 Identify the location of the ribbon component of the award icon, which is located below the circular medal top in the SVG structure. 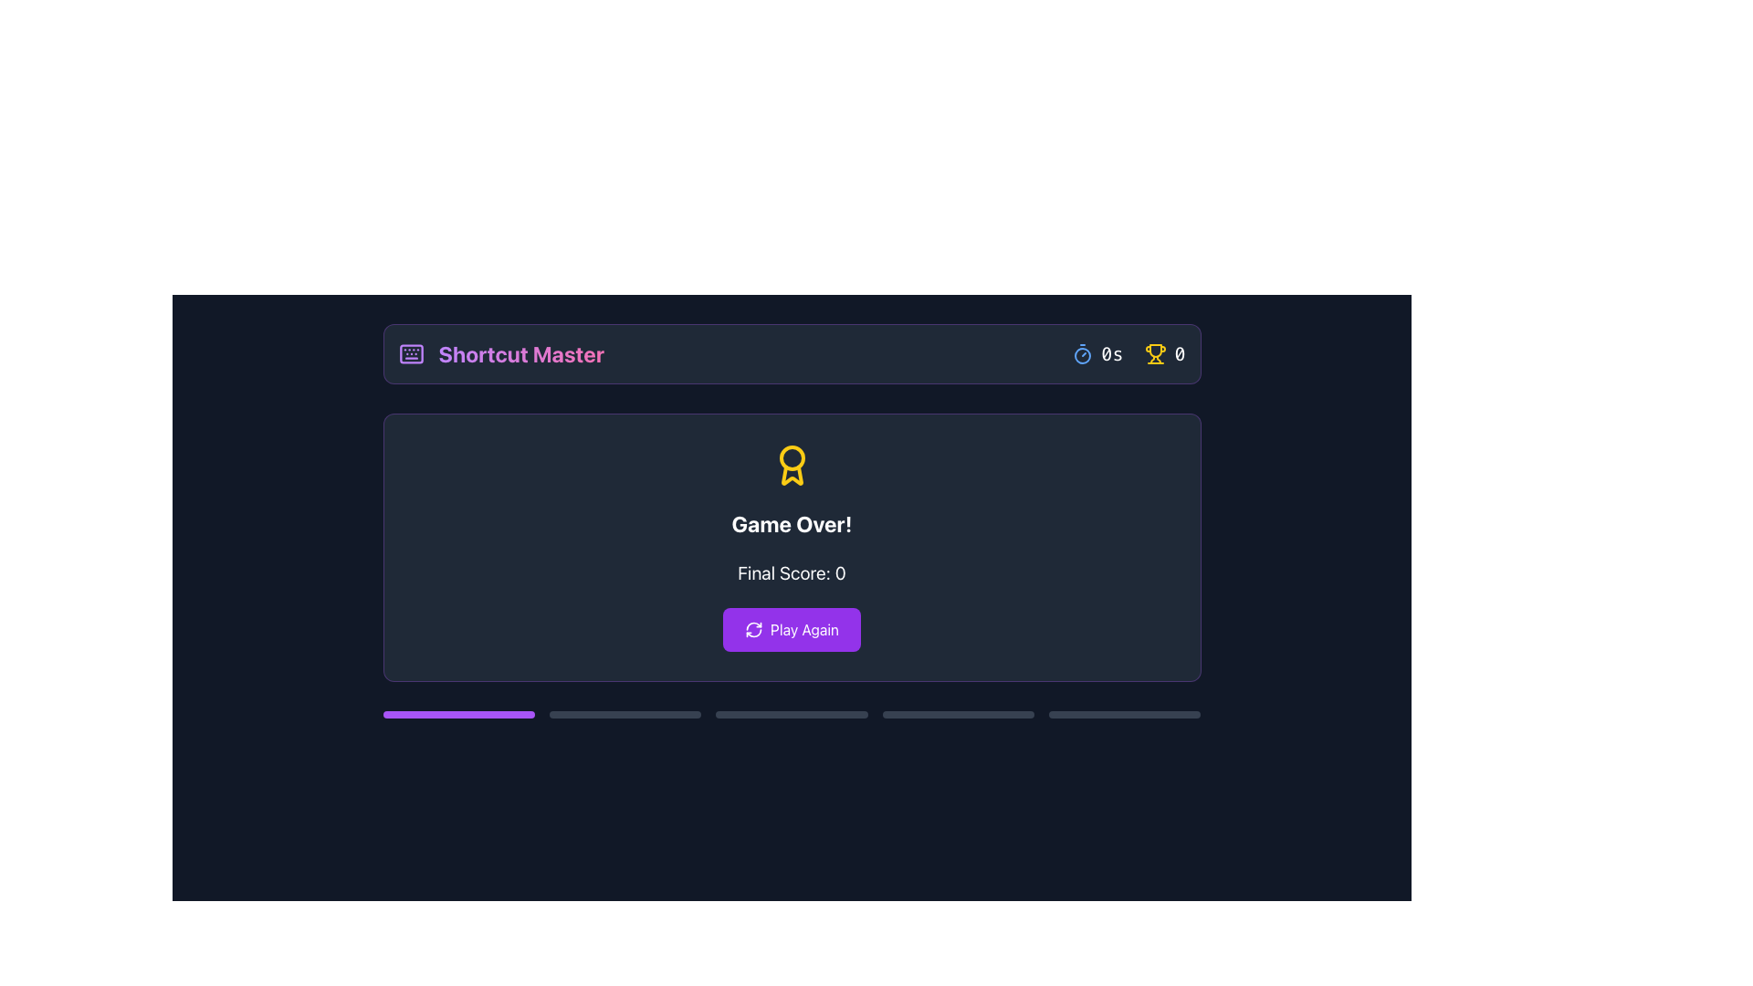
(792, 474).